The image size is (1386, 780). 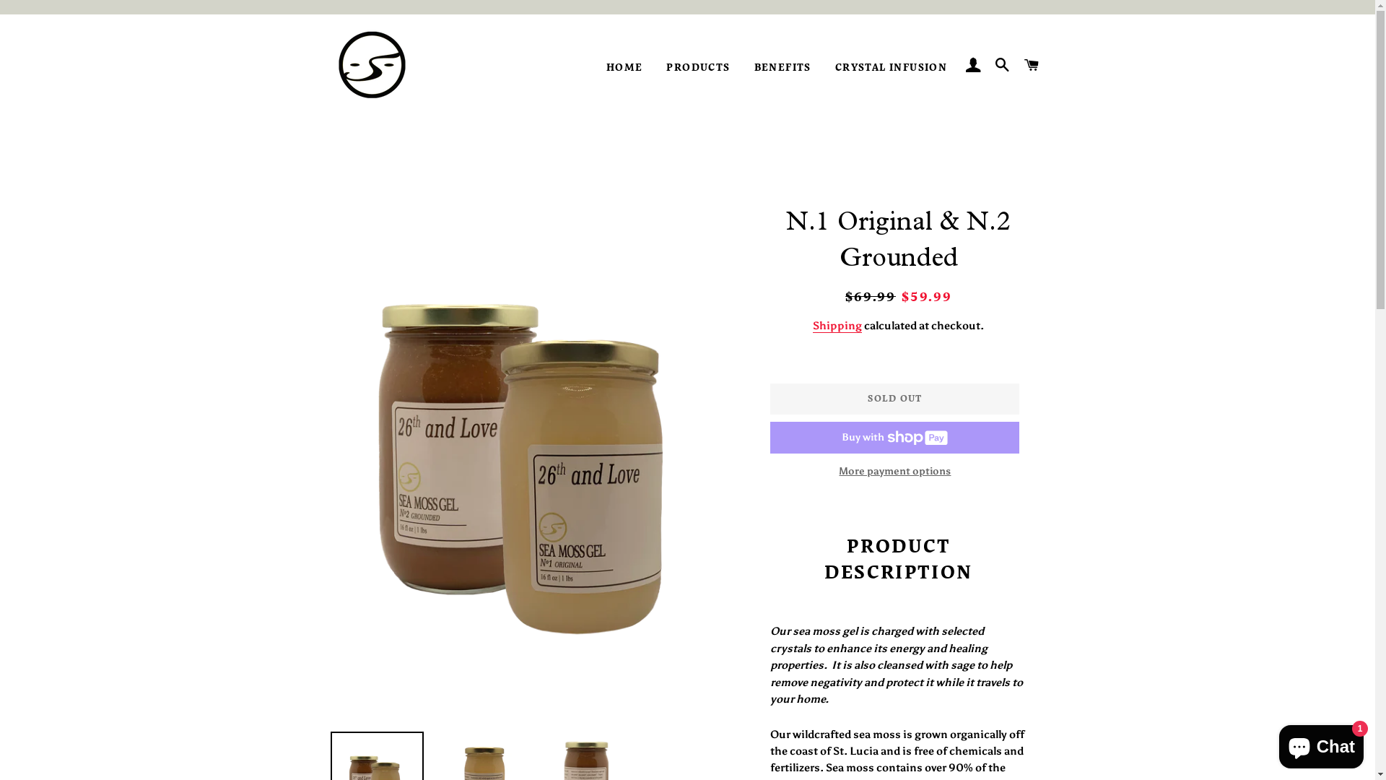 I want to click on 'Shipping', so click(x=837, y=326).